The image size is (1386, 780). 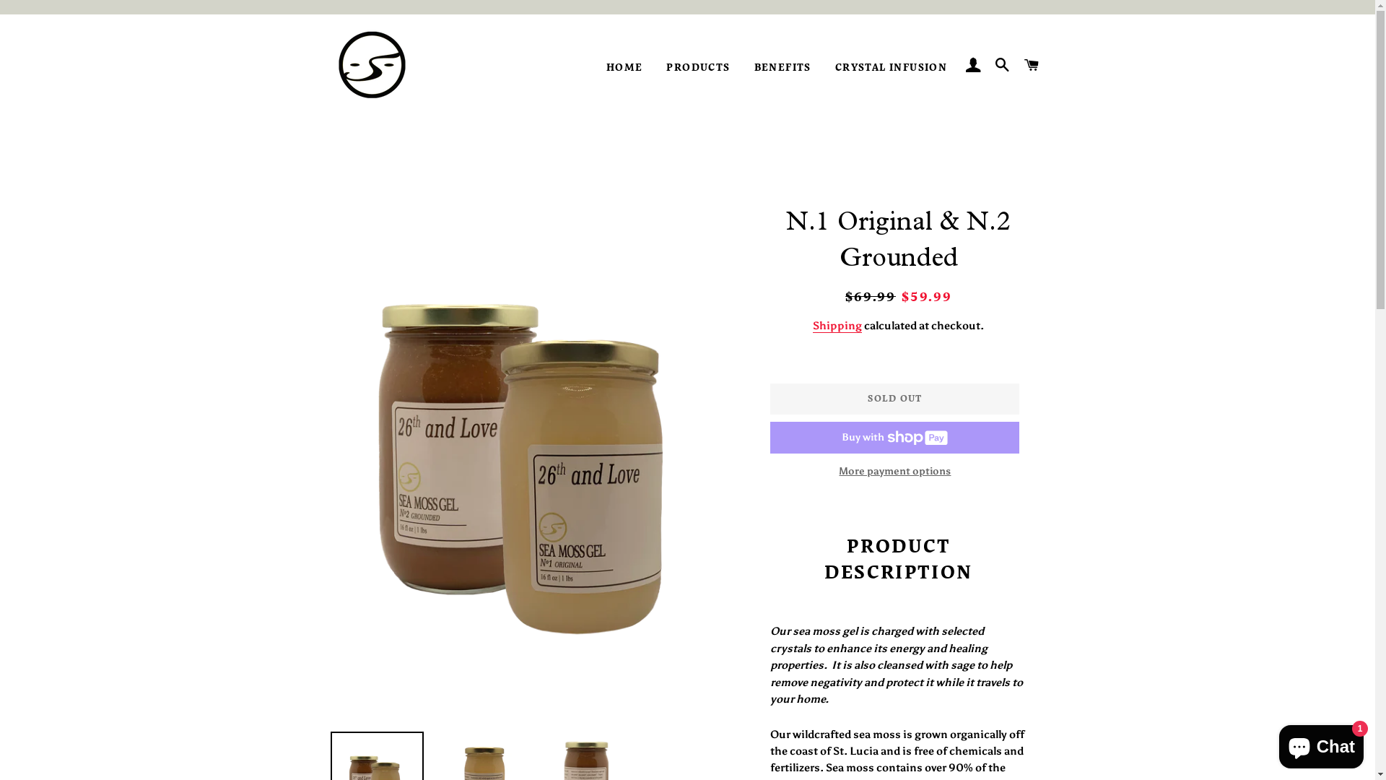 I want to click on 'Shipping', so click(x=837, y=326).